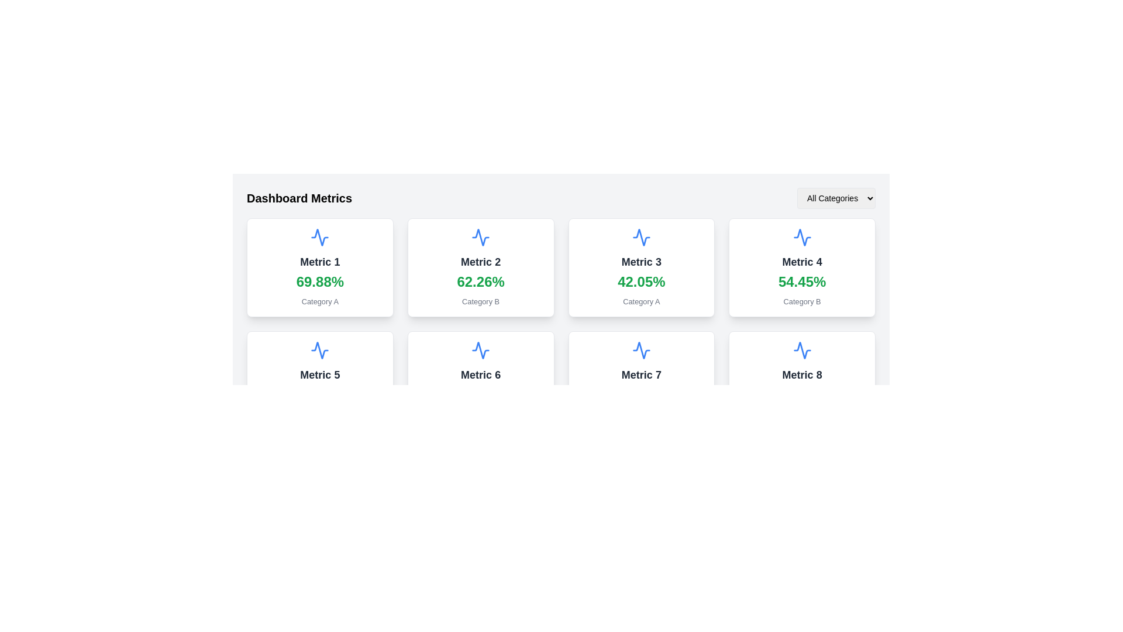 This screenshot has height=632, width=1123. I want to click on the Information card displaying 'Metric 1' with value '69.88%' and category 'Category A', located in the top-left corner of the grid layout, so click(320, 267).